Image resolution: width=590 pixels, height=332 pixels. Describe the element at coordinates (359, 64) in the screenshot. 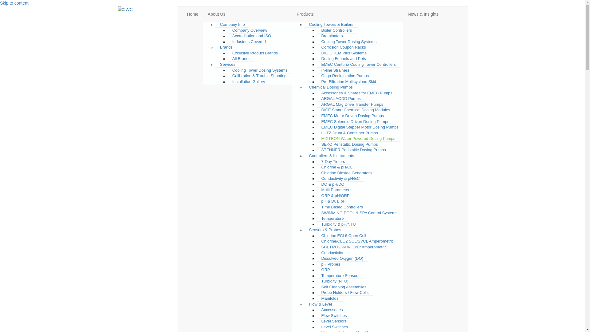

I see `'EMEC Centurio Cooling Tower Controllers'` at that location.